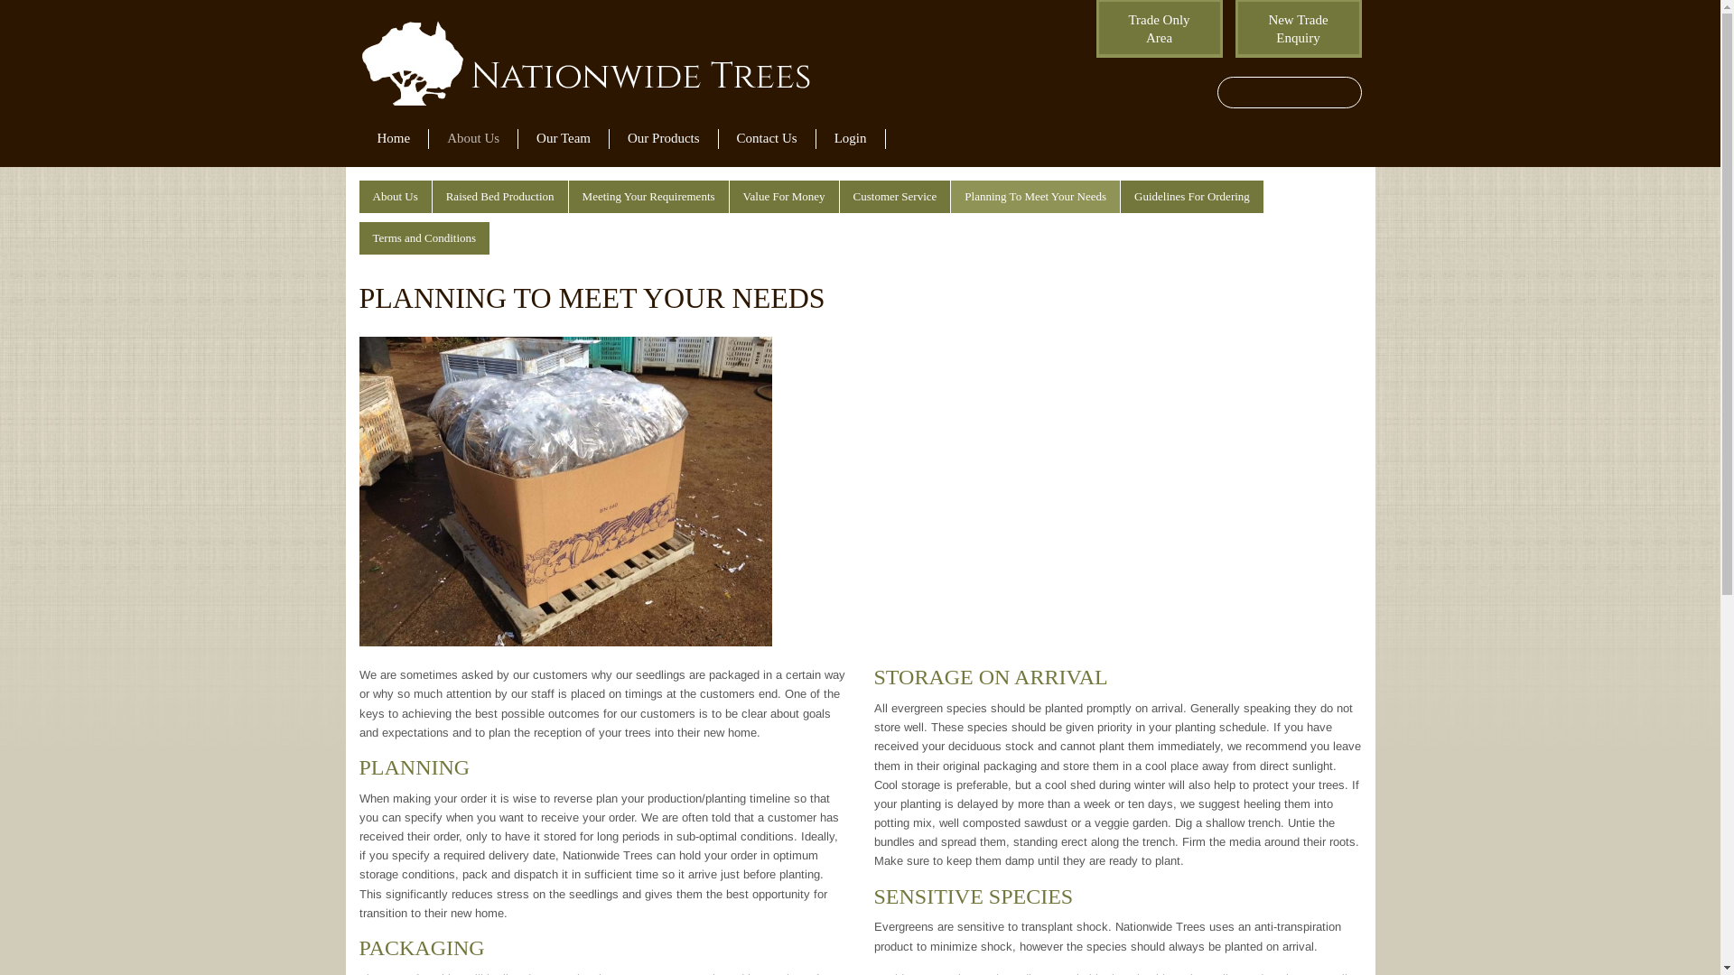  Describe the element at coordinates (784, 197) in the screenshot. I see `'Value For Money'` at that location.